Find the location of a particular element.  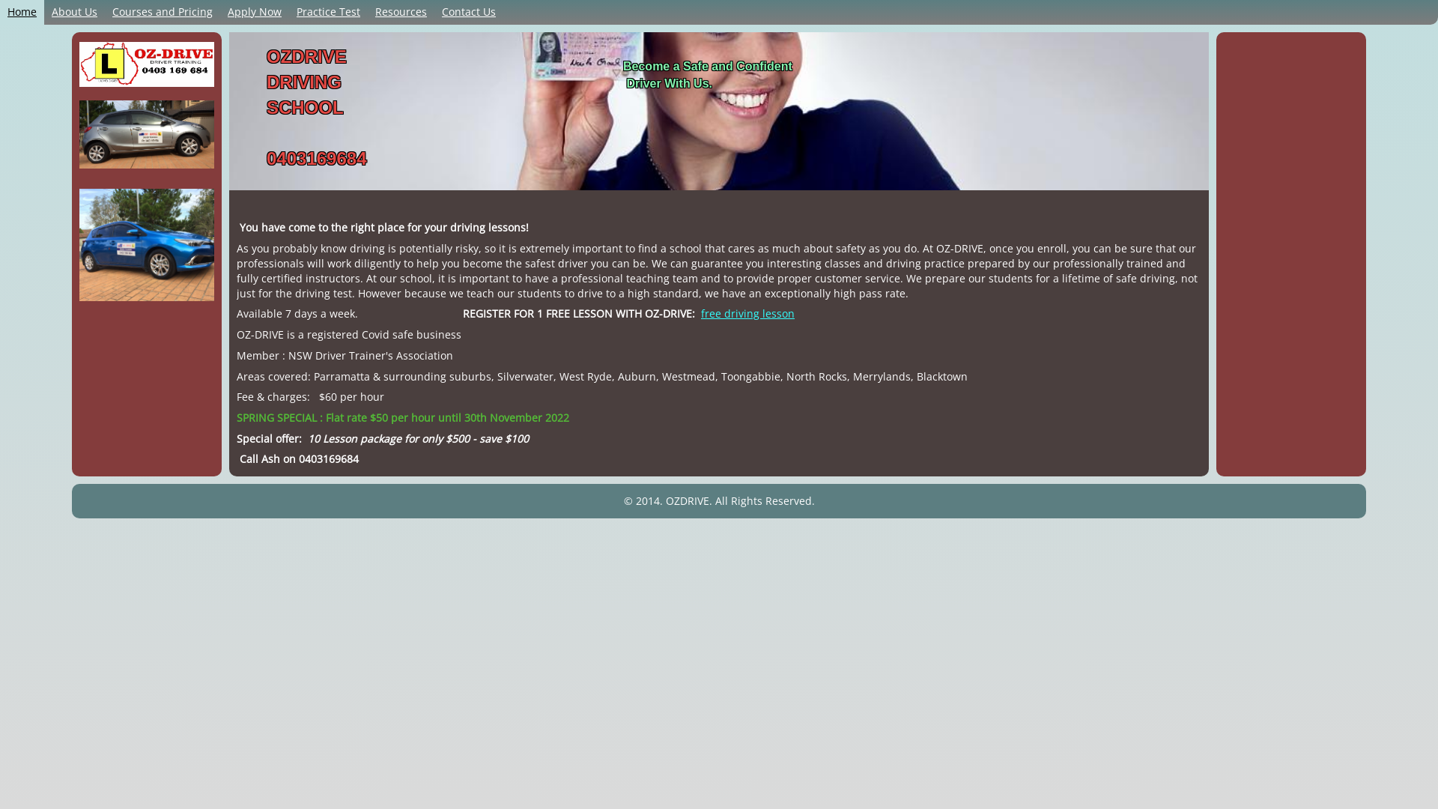

'About Us' is located at coordinates (73, 12).